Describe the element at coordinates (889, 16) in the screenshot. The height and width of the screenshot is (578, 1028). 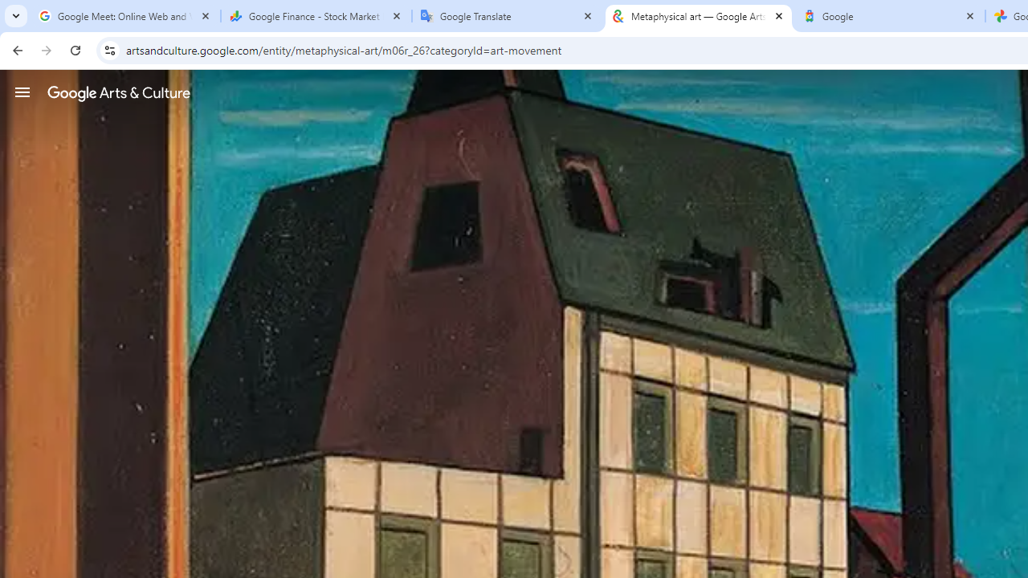
I see `'Google'` at that location.